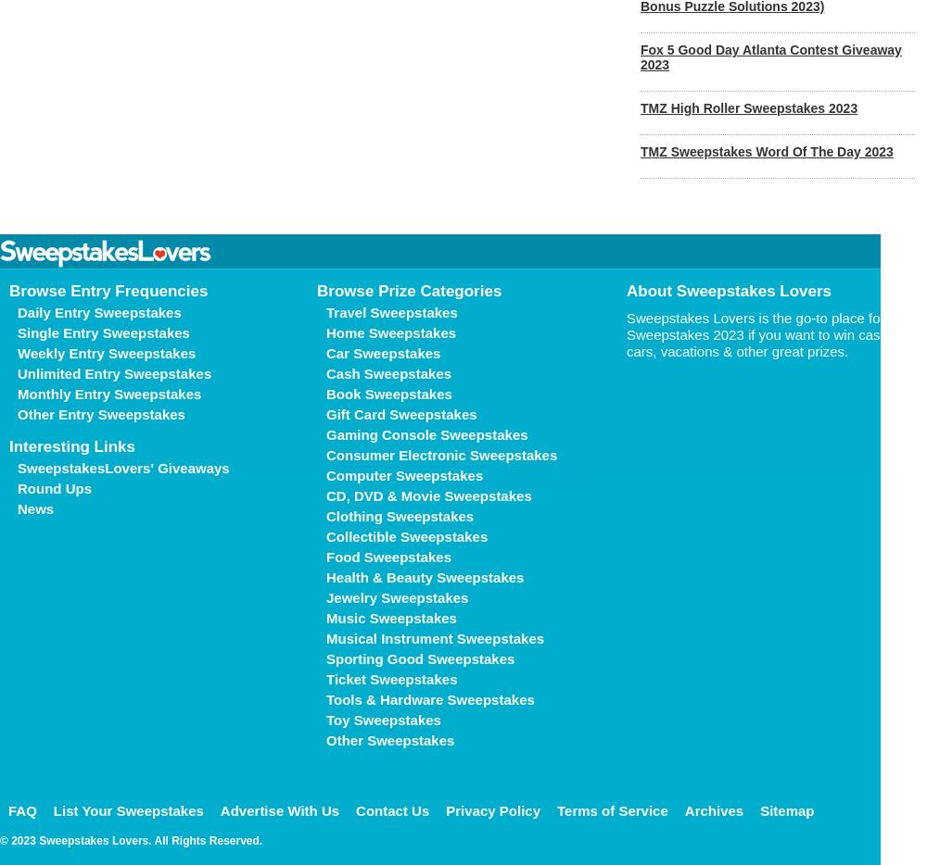  I want to click on 'Gaming Console Sweepstakes', so click(425, 433).